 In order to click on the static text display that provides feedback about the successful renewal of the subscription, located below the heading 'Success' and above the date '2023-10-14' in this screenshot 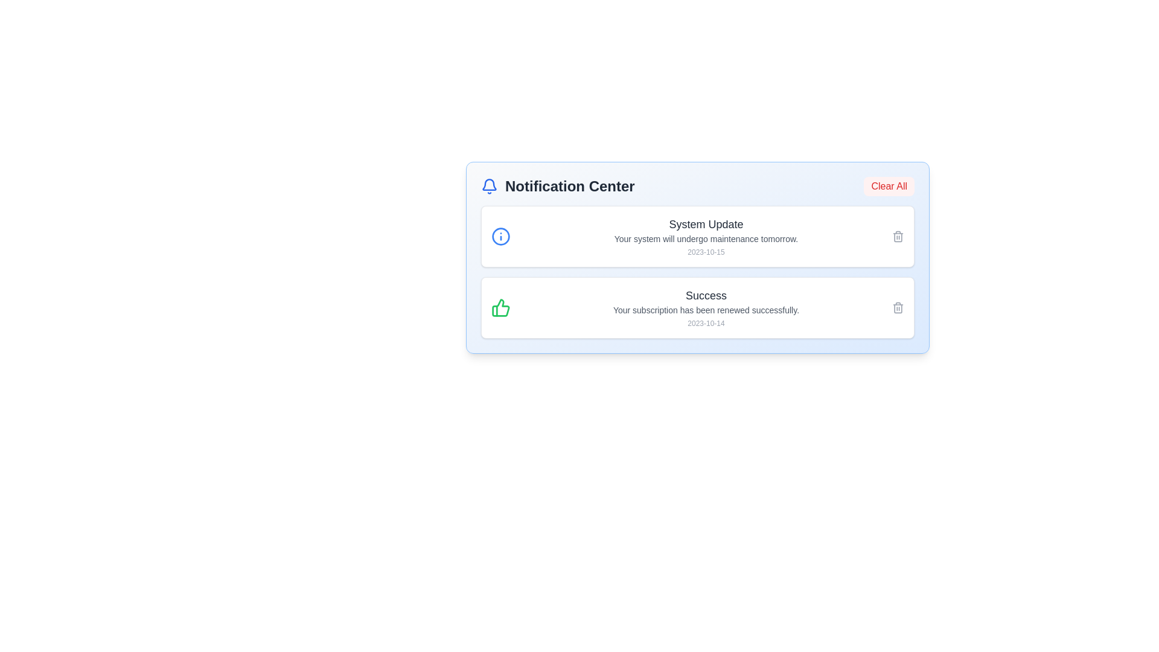, I will do `click(706, 309)`.